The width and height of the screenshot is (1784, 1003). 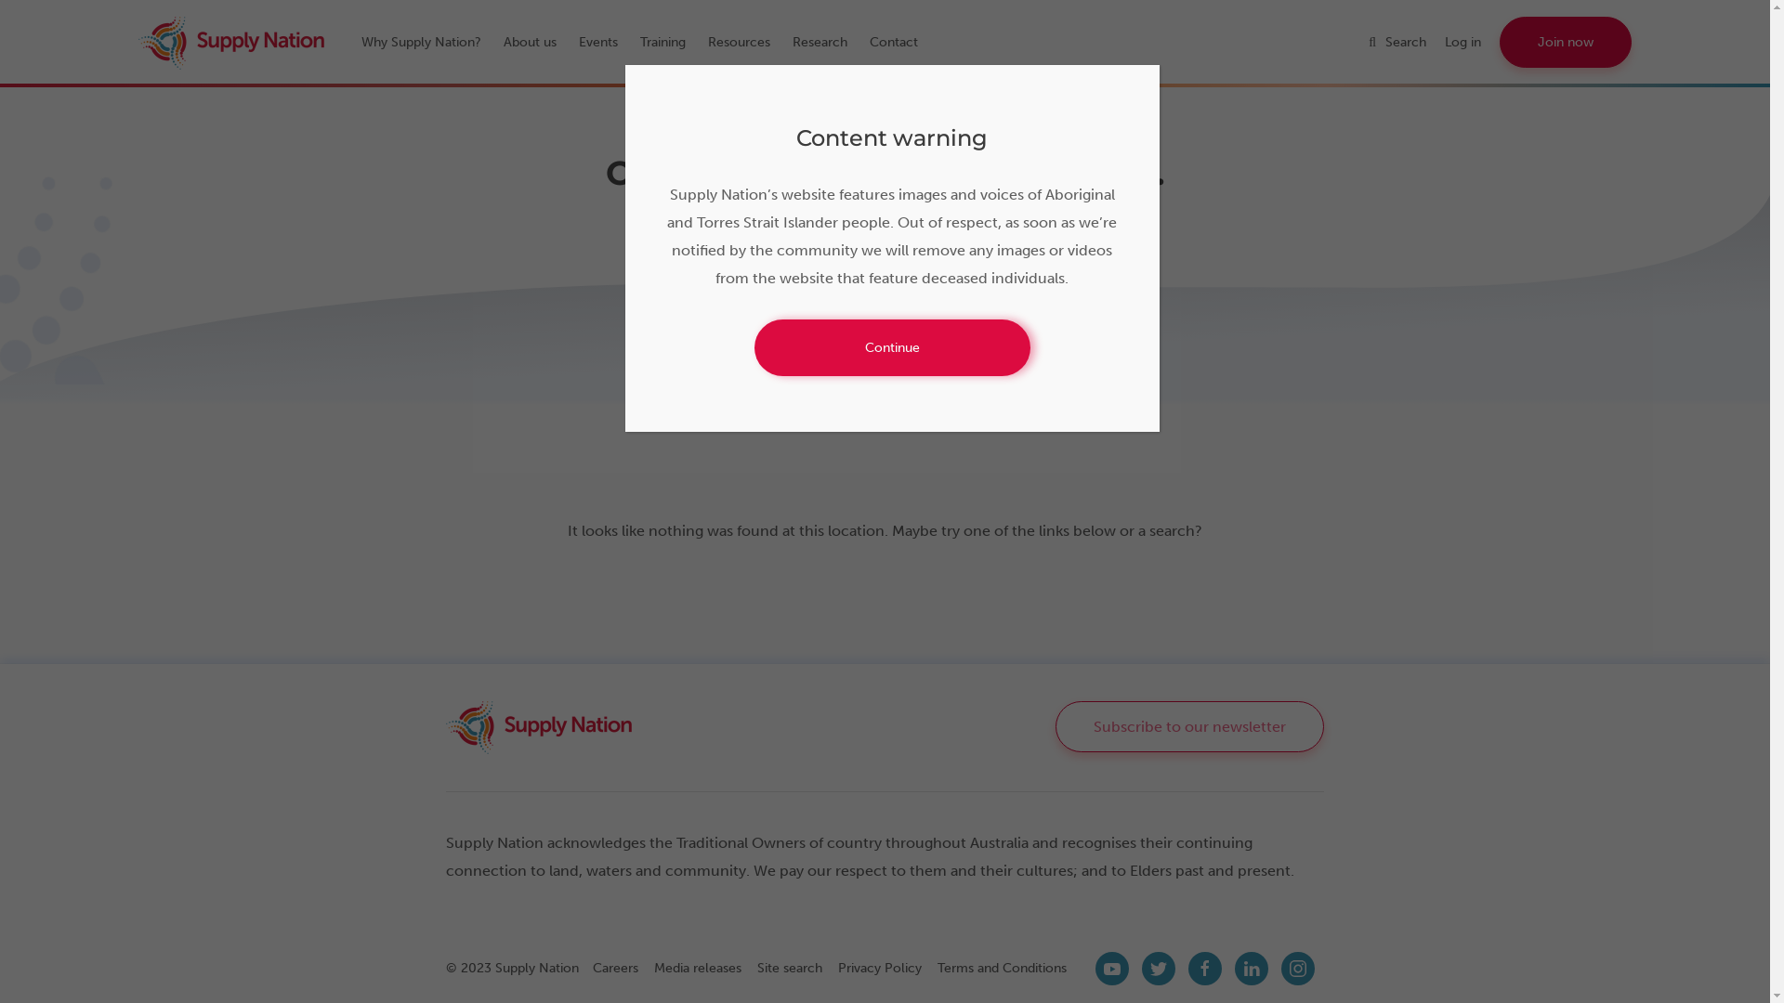 What do you see at coordinates (671, 42) in the screenshot?
I see `'Training'` at bounding box center [671, 42].